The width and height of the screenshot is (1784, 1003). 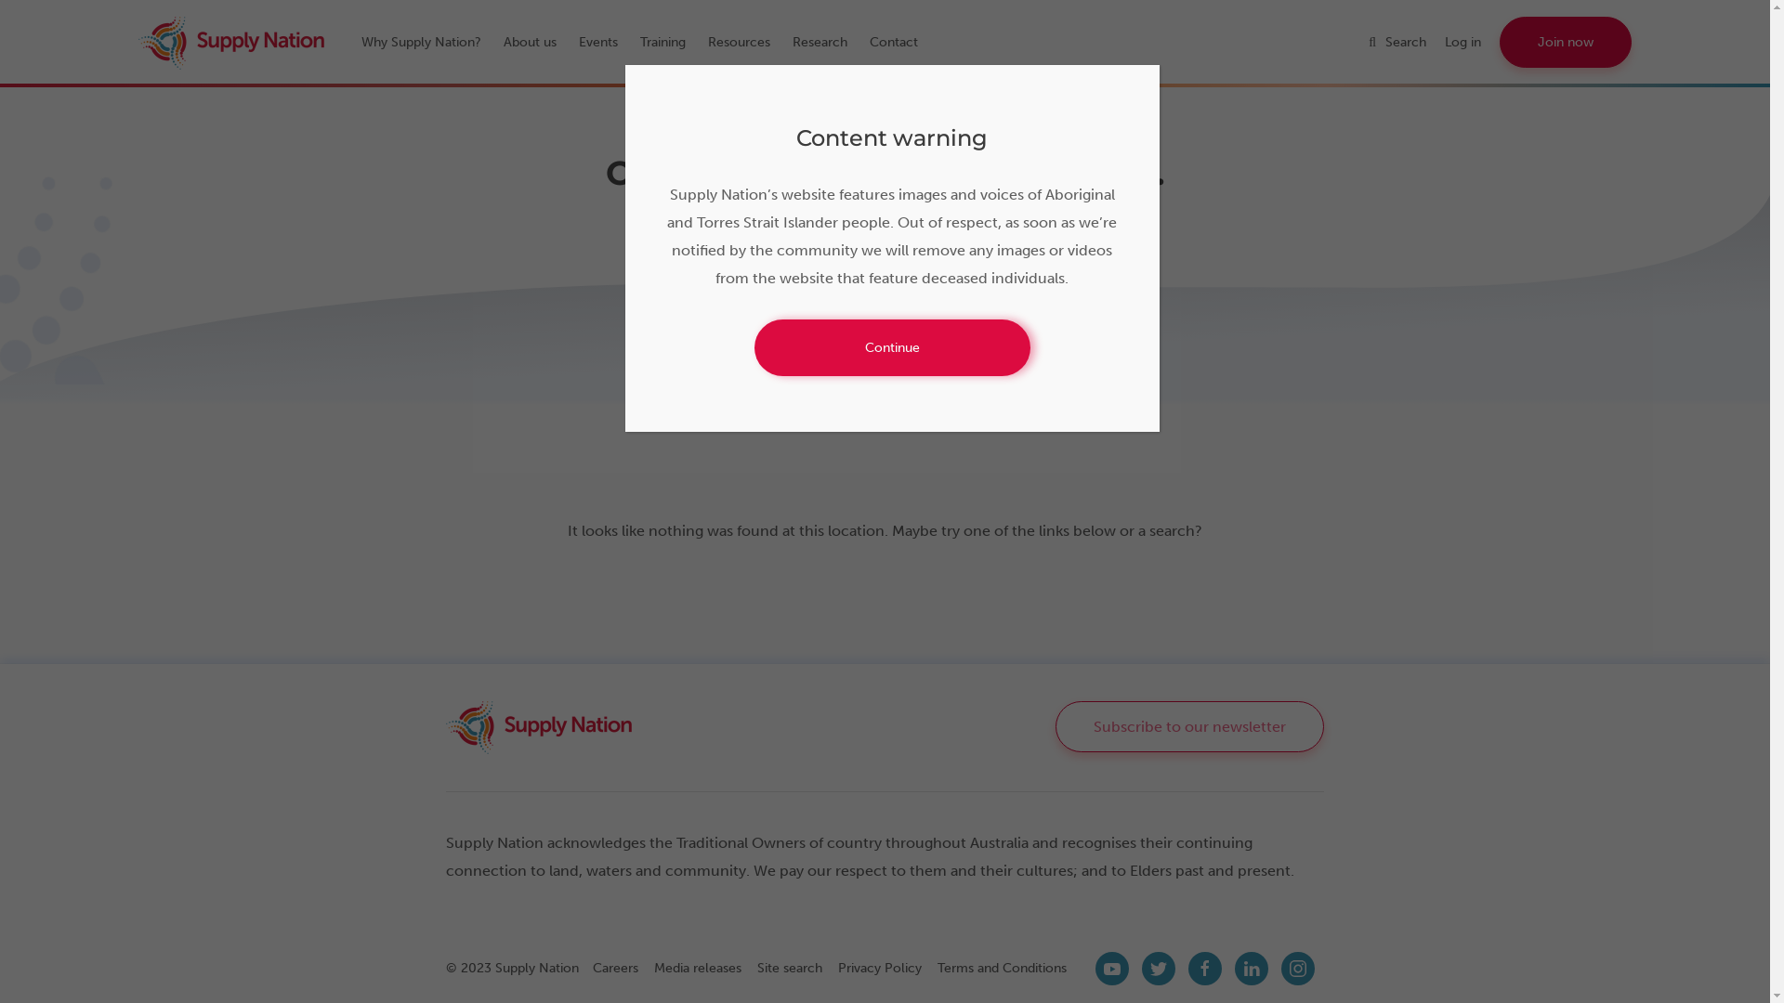 What do you see at coordinates (671, 42) in the screenshot?
I see `'Training'` at bounding box center [671, 42].